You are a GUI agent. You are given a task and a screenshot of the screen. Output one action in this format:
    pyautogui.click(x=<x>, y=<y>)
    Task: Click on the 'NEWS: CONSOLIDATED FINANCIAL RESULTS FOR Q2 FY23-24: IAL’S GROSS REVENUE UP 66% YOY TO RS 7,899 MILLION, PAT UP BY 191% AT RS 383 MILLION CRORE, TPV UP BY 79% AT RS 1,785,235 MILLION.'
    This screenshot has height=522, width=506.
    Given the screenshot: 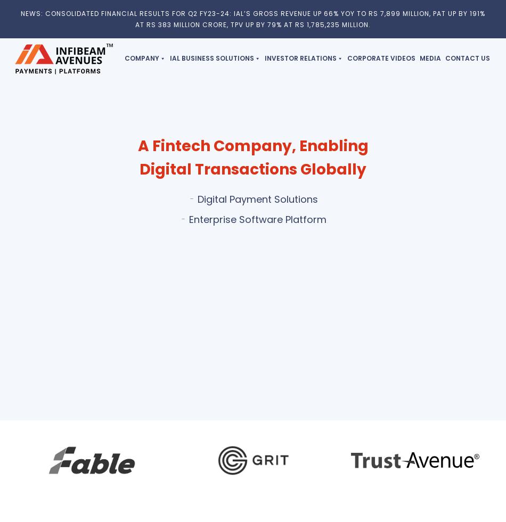 What is the action you would take?
    pyautogui.click(x=253, y=19)
    